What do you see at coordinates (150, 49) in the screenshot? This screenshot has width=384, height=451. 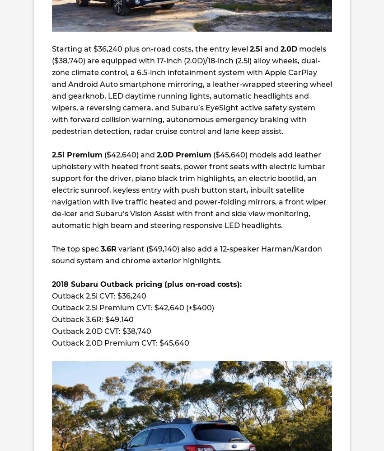 I see `'Starting at $36,240 plus on-road costs, the entry level'` at bounding box center [150, 49].